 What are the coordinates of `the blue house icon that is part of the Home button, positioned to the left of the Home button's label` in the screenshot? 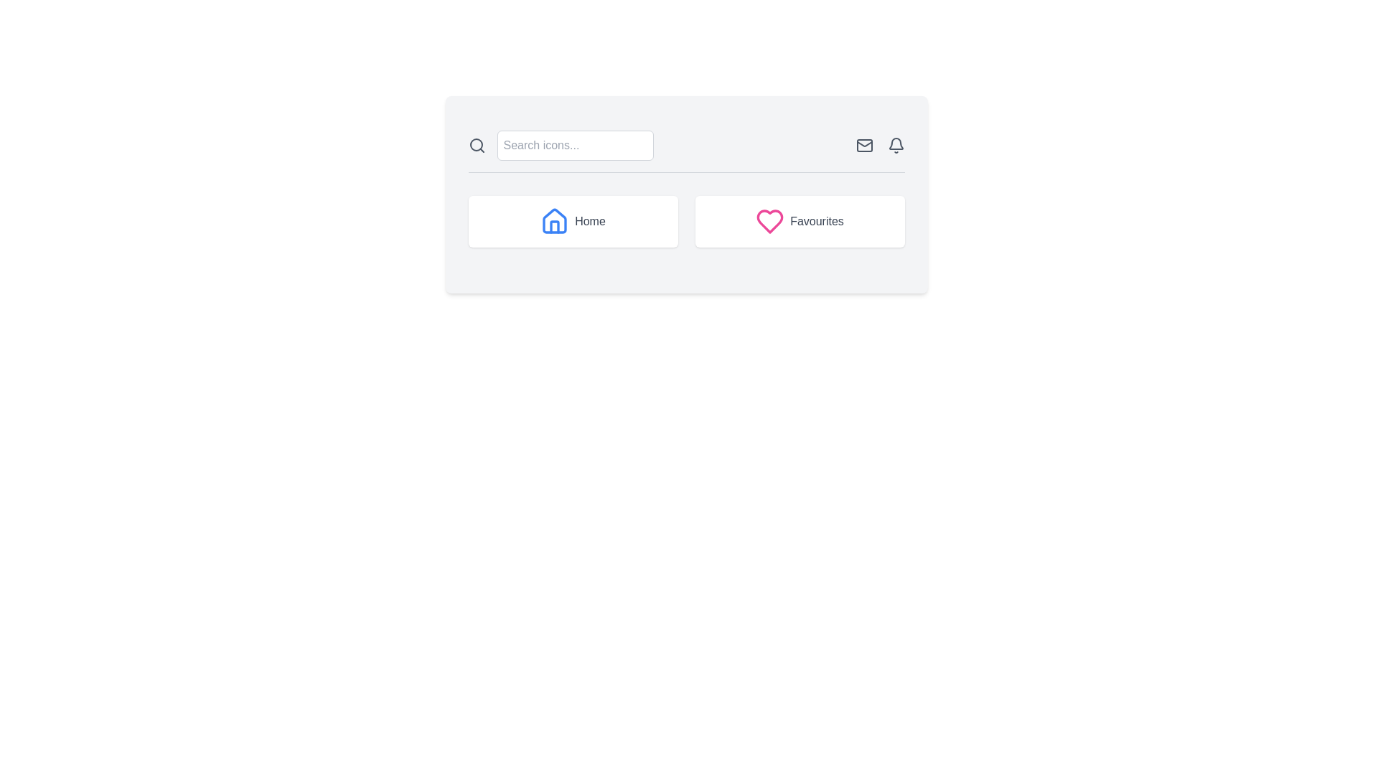 It's located at (554, 221).